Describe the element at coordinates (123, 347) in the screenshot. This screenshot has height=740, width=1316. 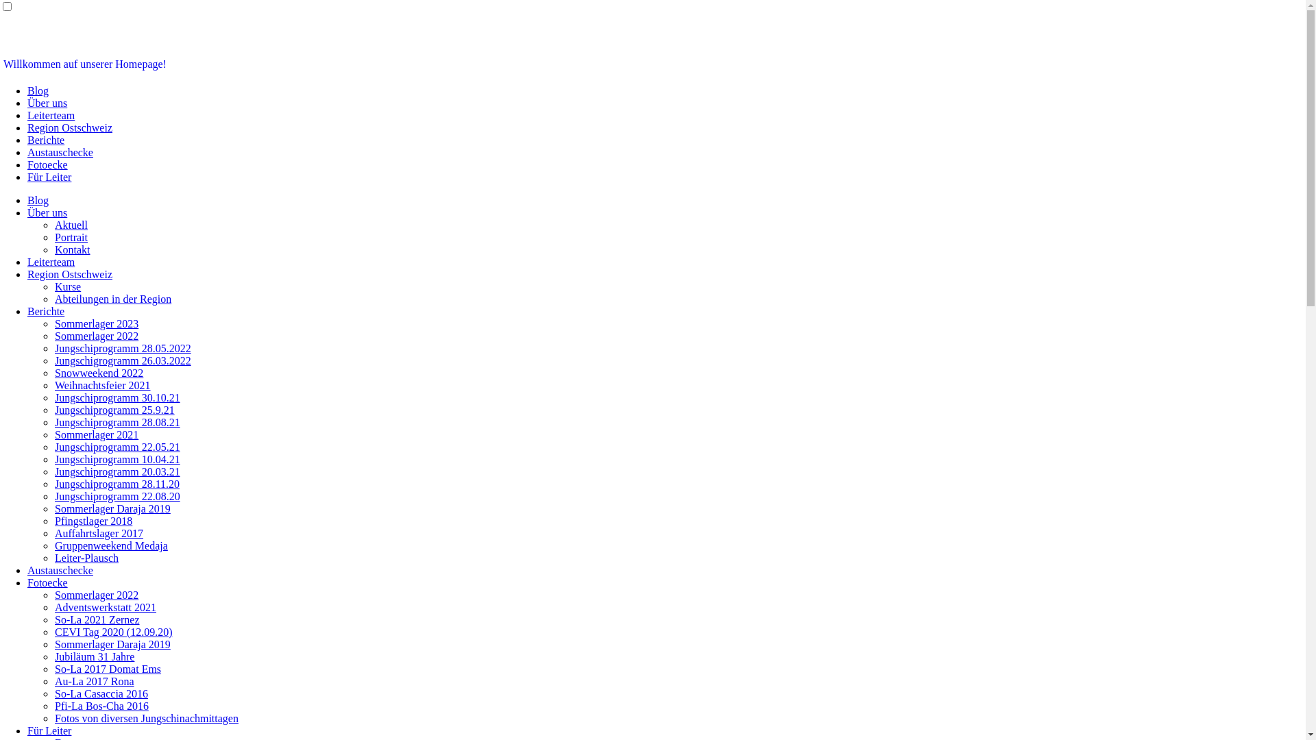
I see `'Jungschiprogramm 28.05.2022'` at that location.